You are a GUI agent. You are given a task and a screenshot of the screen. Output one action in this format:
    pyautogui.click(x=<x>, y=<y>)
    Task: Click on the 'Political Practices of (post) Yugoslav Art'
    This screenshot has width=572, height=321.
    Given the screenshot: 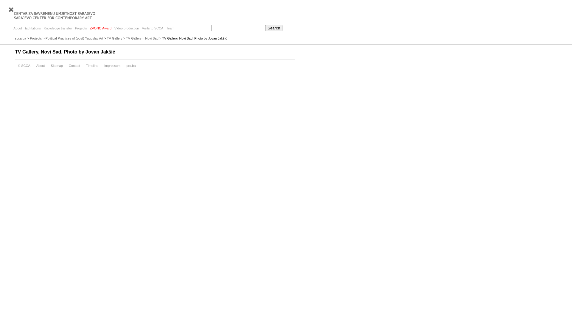 What is the action you would take?
    pyautogui.click(x=74, y=38)
    